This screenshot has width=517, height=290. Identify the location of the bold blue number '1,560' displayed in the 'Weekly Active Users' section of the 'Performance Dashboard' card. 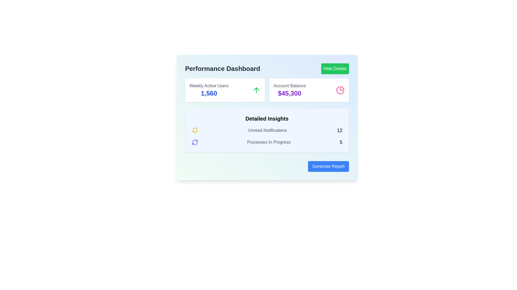
(209, 93).